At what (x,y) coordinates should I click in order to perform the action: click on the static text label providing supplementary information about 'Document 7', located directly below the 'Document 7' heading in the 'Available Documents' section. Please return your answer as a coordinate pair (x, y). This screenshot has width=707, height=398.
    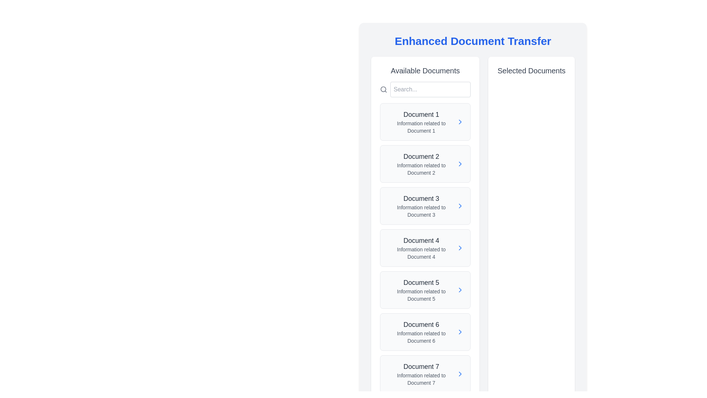
    Looking at the image, I should click on (421, 379).